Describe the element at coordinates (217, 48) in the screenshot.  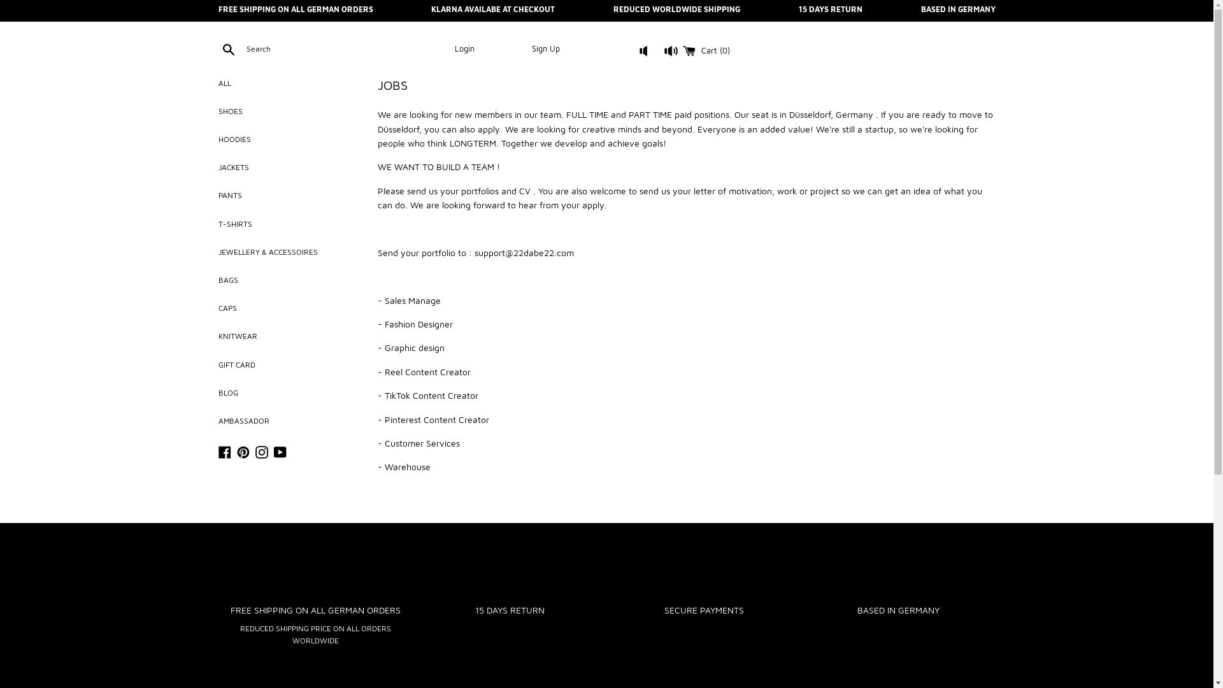
I see `'Search'` at that location.